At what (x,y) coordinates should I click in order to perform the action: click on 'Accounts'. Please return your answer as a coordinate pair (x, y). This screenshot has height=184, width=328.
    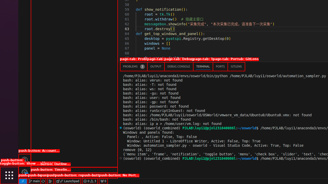
    Looking at the image, I should click on (24, 159).